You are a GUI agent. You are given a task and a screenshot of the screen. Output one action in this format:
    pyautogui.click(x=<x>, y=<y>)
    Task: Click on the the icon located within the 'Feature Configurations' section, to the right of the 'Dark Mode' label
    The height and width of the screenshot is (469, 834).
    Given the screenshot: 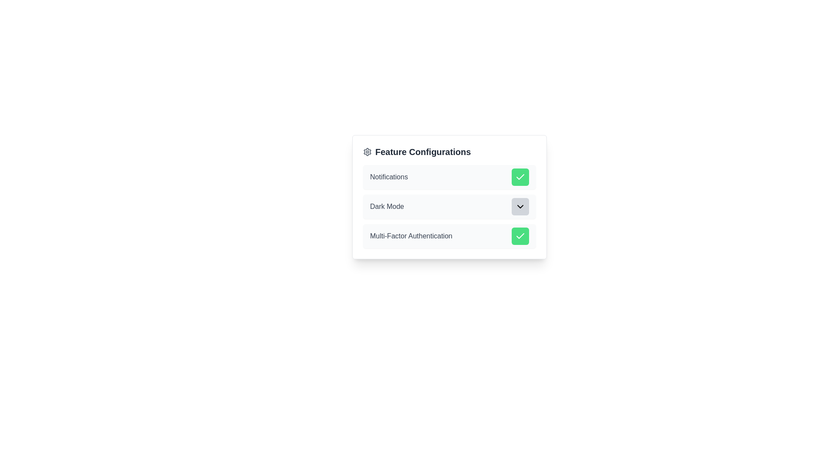 What is the action you would take?
    pyautogui.click(x=520, y=206)
    